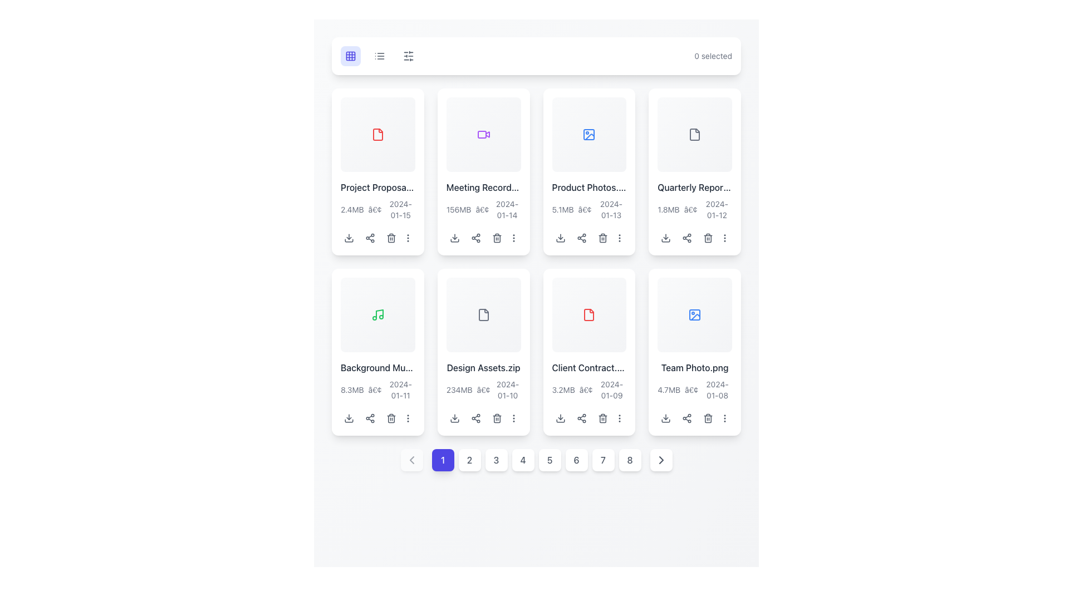  What do you see at coordinates (686, 418) in the screenshot?
I see `the small circular button with a share icon located between the download button and the trash button in the bottom-right corner of the 'Team Photo.png' card` at bounding box center [686, 418].